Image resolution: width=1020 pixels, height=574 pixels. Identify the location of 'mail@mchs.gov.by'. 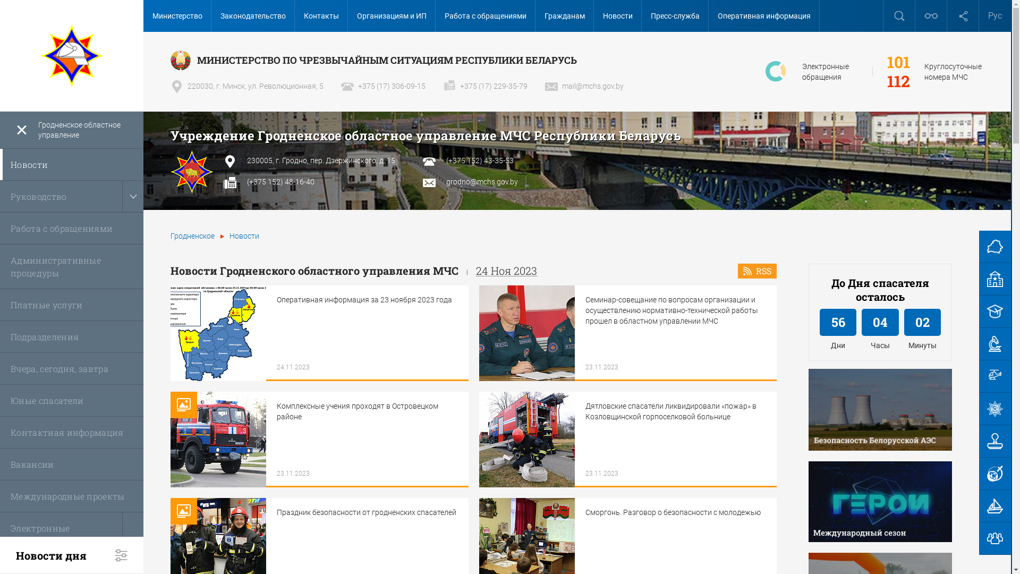
(545, 86).